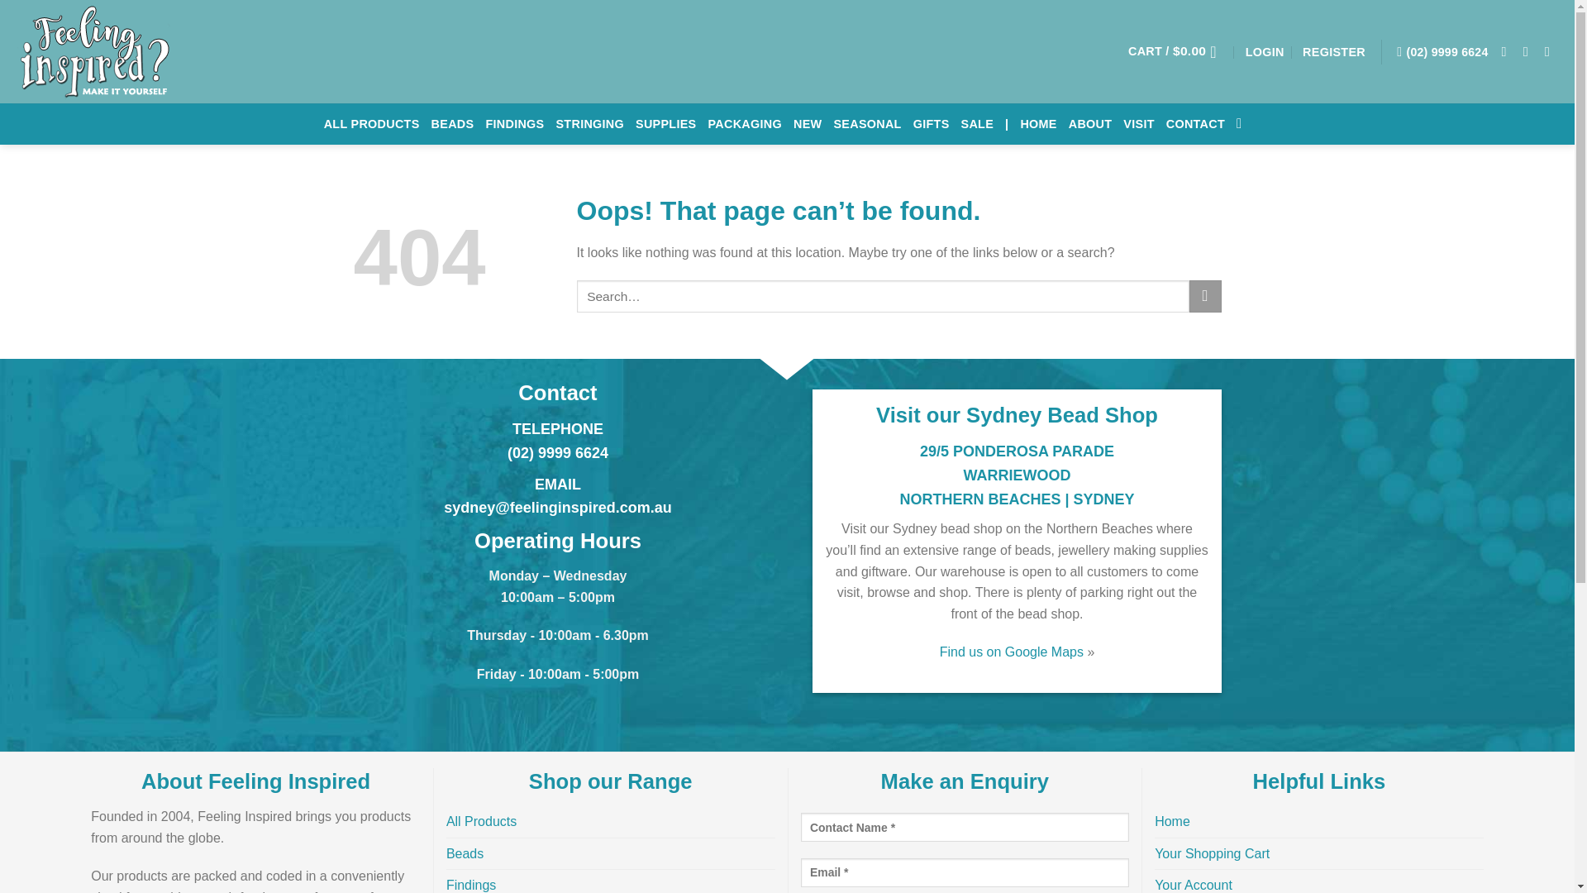 This screenshot has width=1587, height=893. What do you see at coordinates (1122, 123) in the screenshot?
I see `'VISIT'` at bounding box center [1122, 123].